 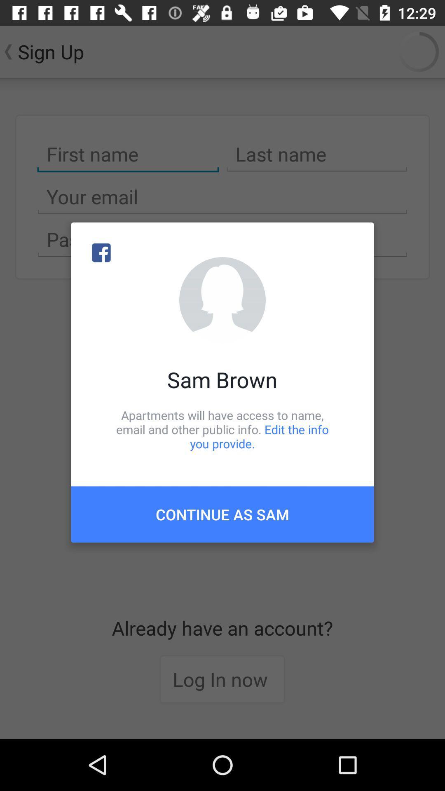 I want to click on the apartments will have, so click(x=222, y=429).